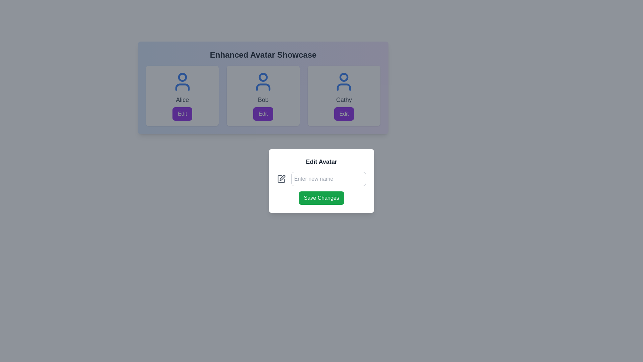 The width and height of the screenshot is (643, 362). Describe the element at coordinates (263, 87) in the screenshot. I see `the entire section element with a gradient background containing the title 'Enhanced Avatar Showcase' and user cards` at that location.